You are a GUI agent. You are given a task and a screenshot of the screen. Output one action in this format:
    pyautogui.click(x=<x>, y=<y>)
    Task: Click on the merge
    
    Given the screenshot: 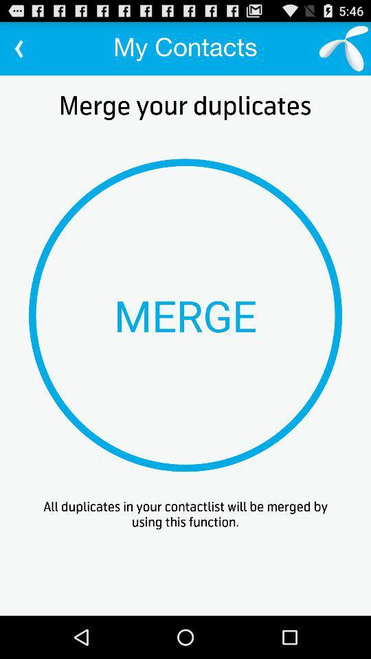 What is the action you would take?
    pyautogui.click(x=185, y=315)
    